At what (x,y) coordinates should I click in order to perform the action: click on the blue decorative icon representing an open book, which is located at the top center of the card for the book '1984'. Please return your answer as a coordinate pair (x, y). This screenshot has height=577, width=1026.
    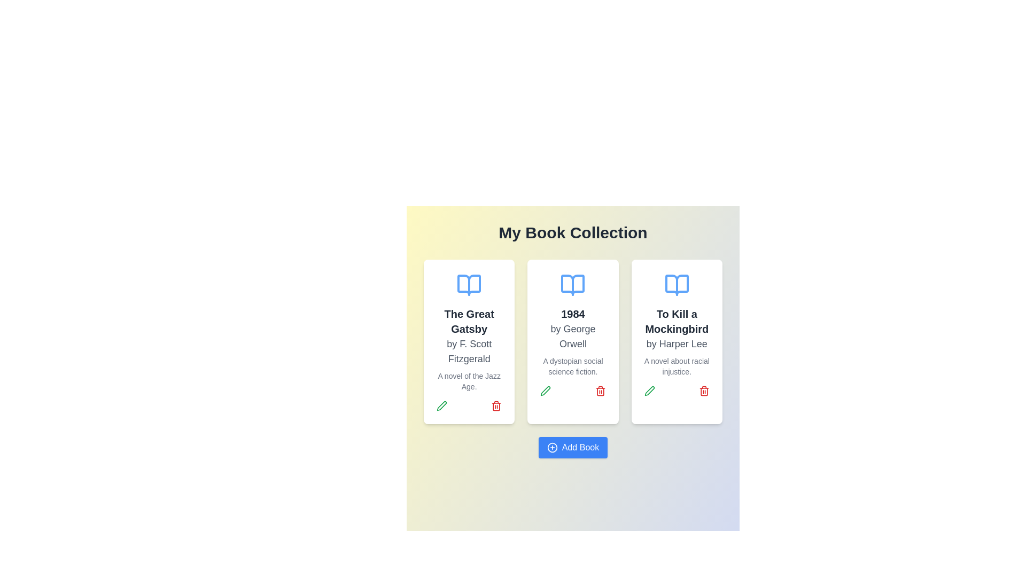
    Looking at the image, I should click on (572, 284).